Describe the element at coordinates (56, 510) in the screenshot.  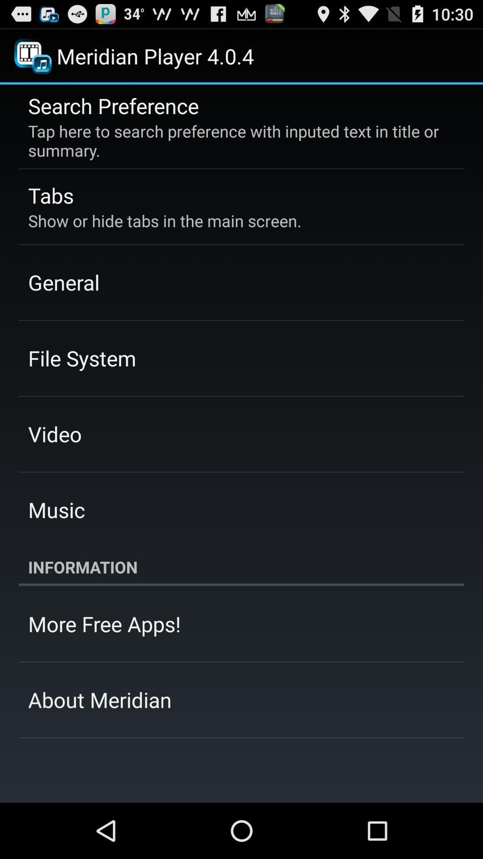
I see `the item below video app` at that location.